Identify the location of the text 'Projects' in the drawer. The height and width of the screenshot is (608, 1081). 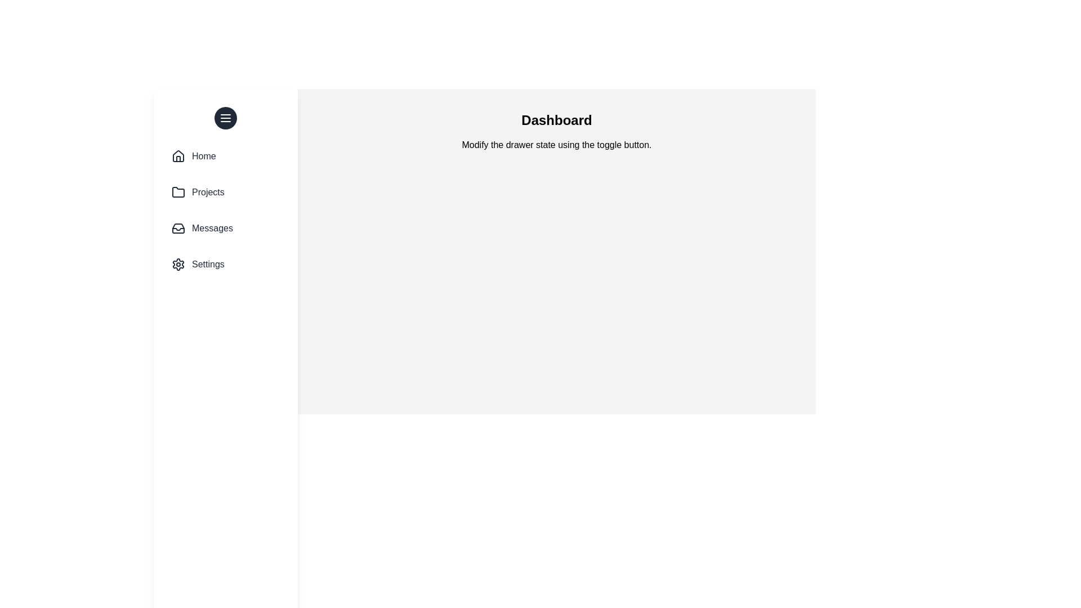
(208, 192).